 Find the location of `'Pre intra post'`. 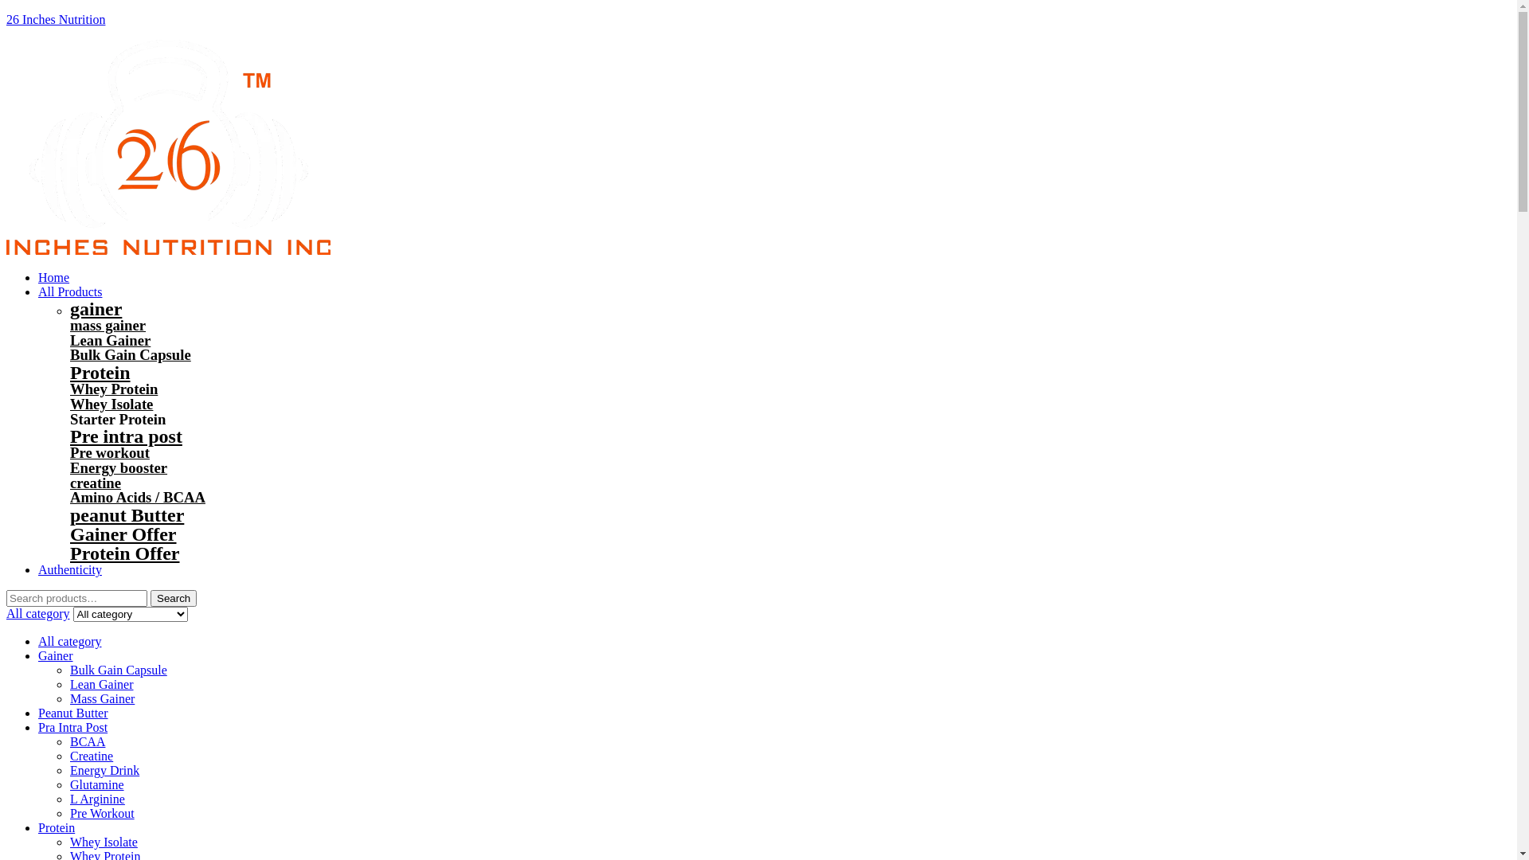

'Pre intra post' is located at coordinates (125, 436).